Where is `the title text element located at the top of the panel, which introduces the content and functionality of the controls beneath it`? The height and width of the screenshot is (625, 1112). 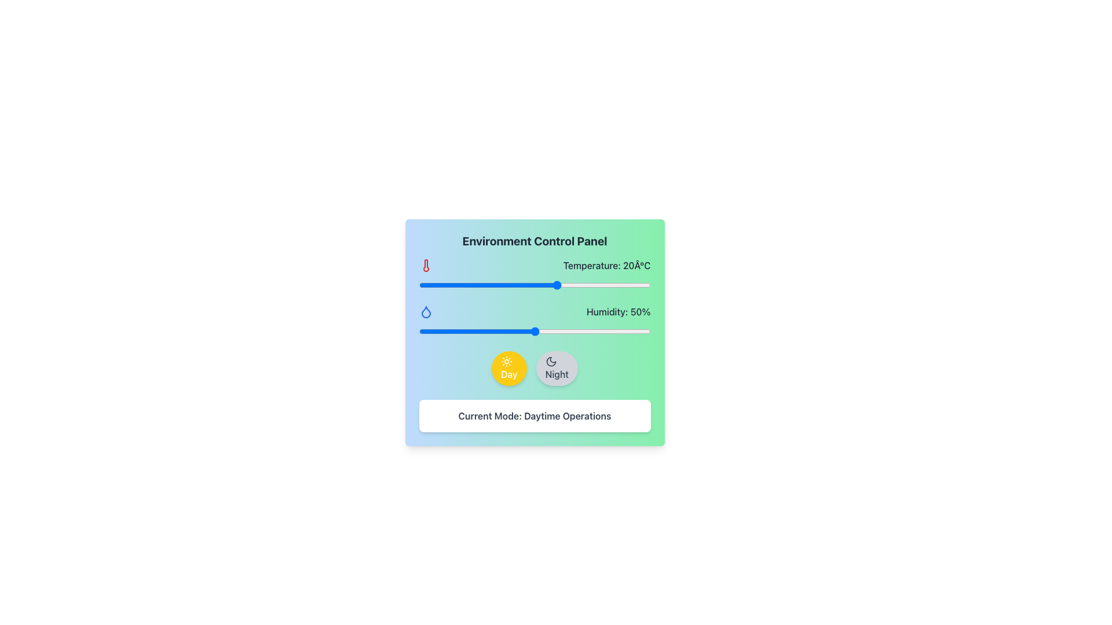
the title text element located at the top of the panel, which introduces the content and functionality of the controls beneath it is located at coordinates (534, 240).